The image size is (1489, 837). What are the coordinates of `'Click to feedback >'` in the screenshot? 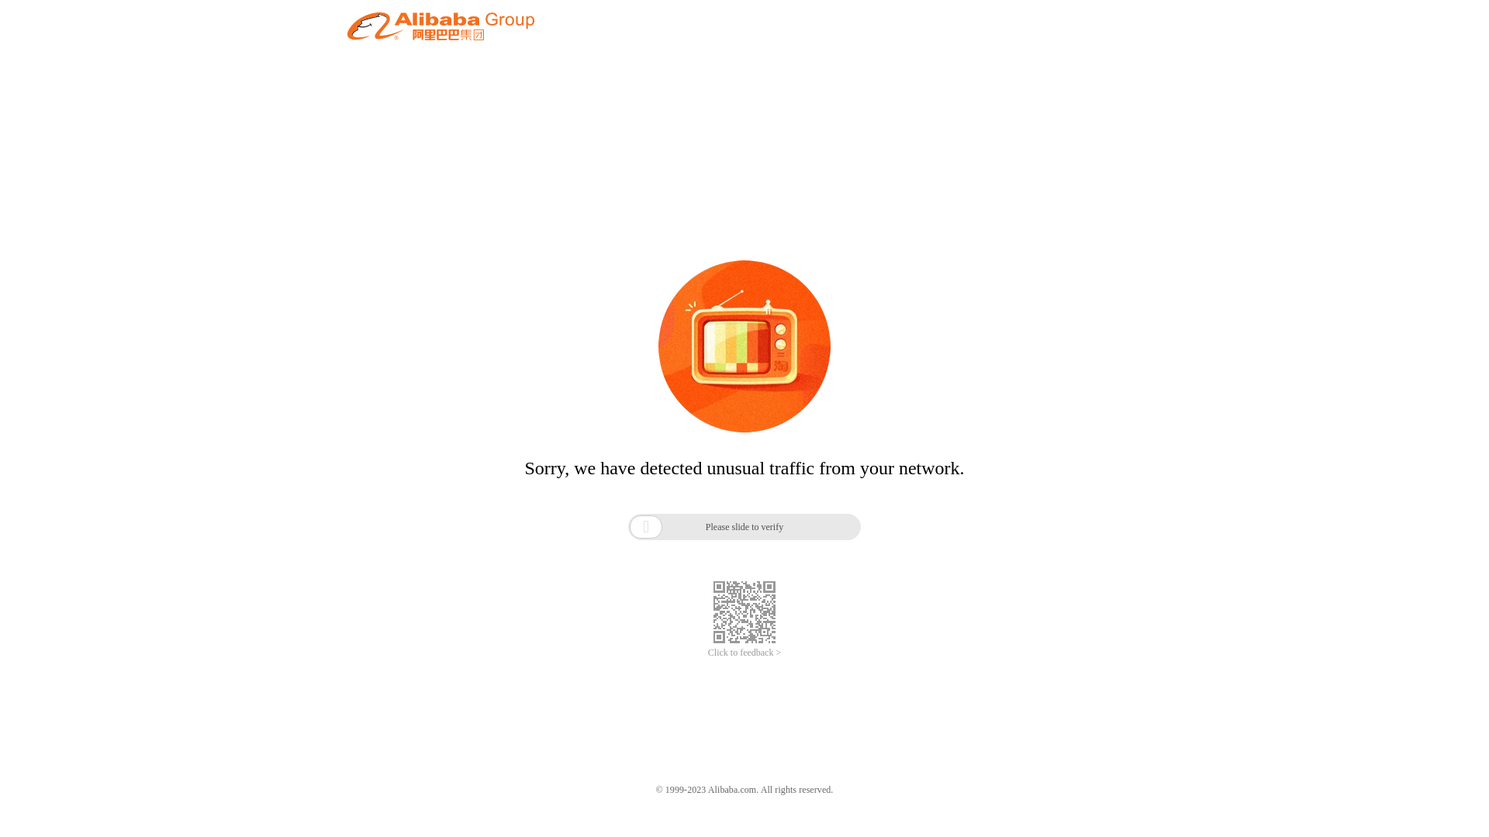 It's located at (744, 653).